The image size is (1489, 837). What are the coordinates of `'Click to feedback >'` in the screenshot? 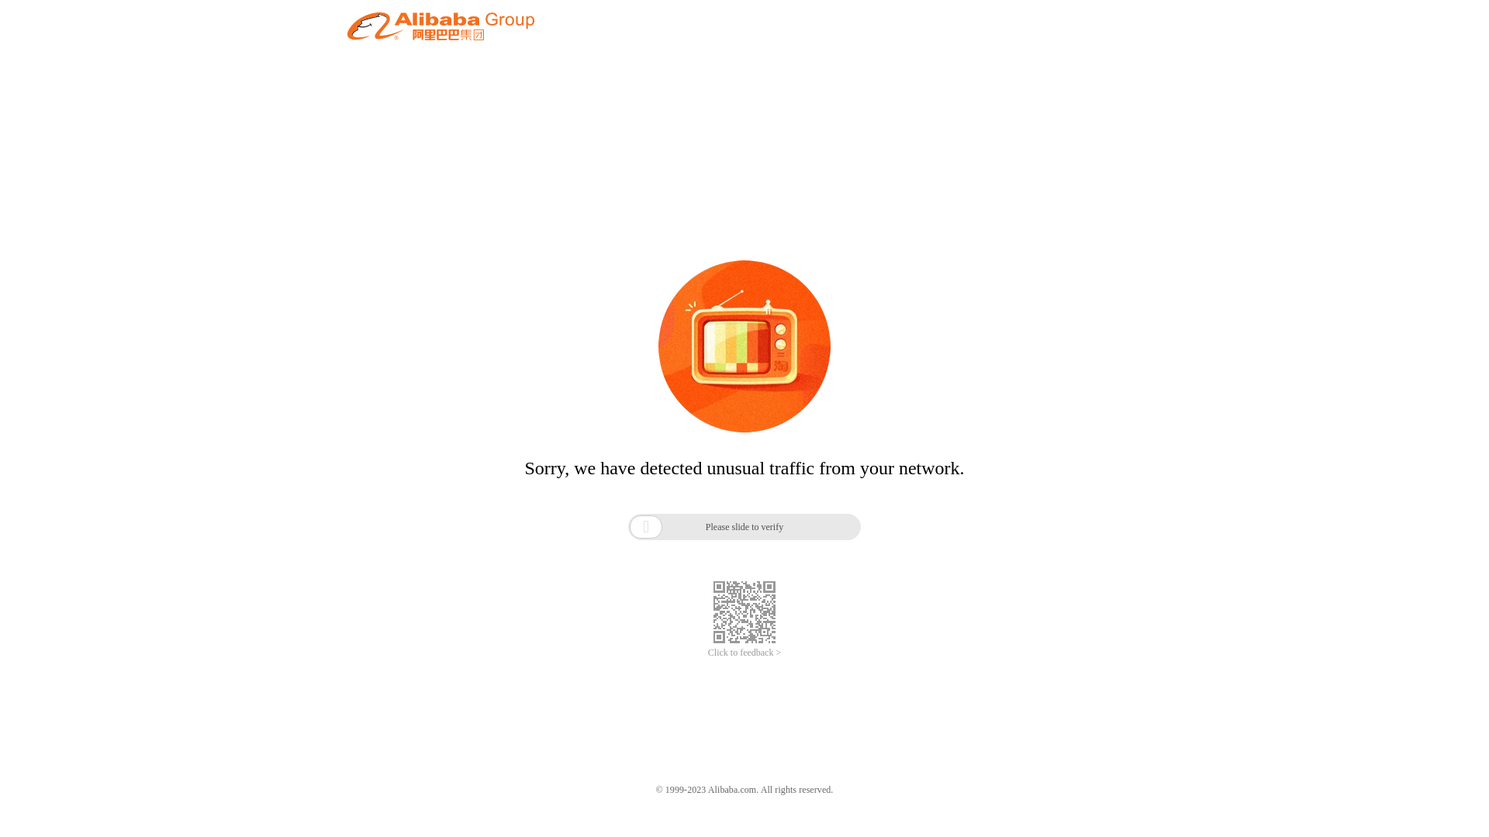 It's located at (744, 653).